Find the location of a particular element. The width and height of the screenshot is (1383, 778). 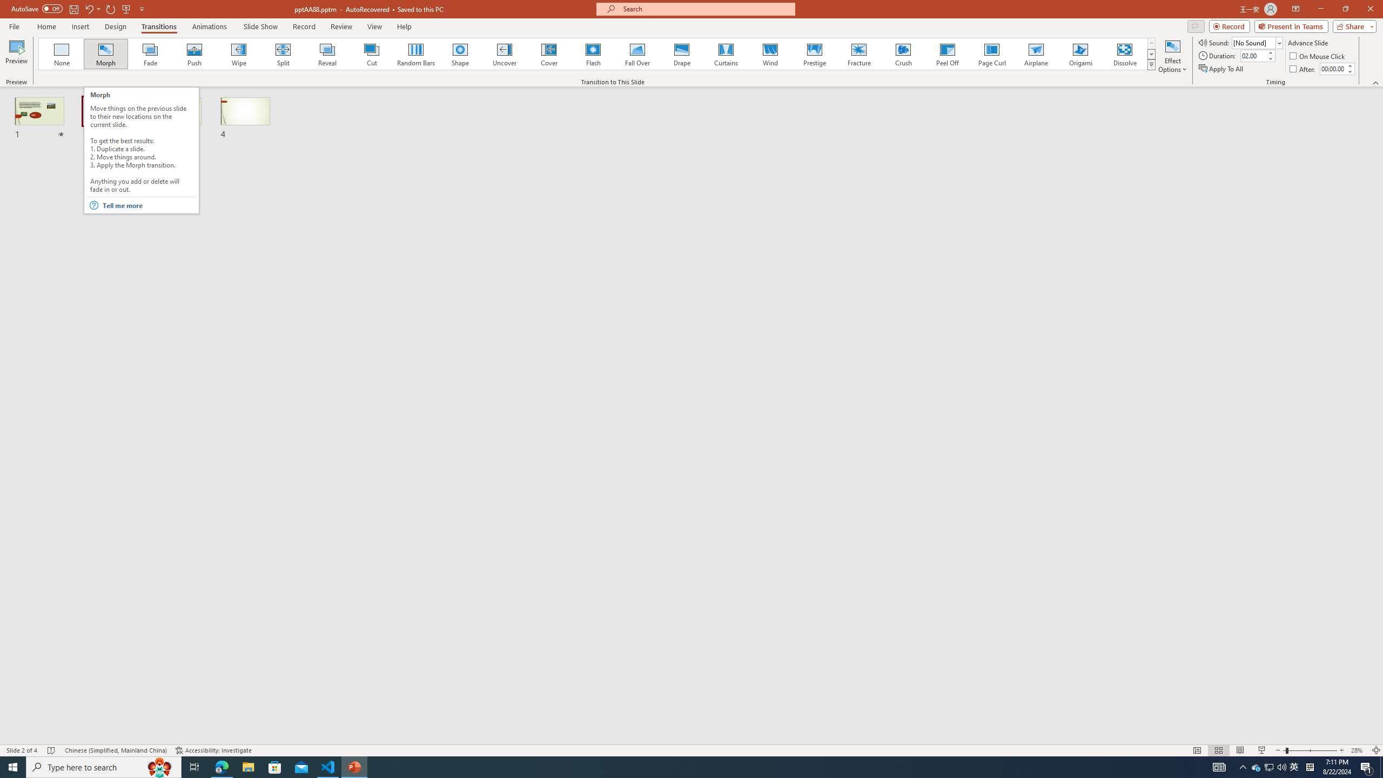

'Morph' is located at coordinates (106, 53).